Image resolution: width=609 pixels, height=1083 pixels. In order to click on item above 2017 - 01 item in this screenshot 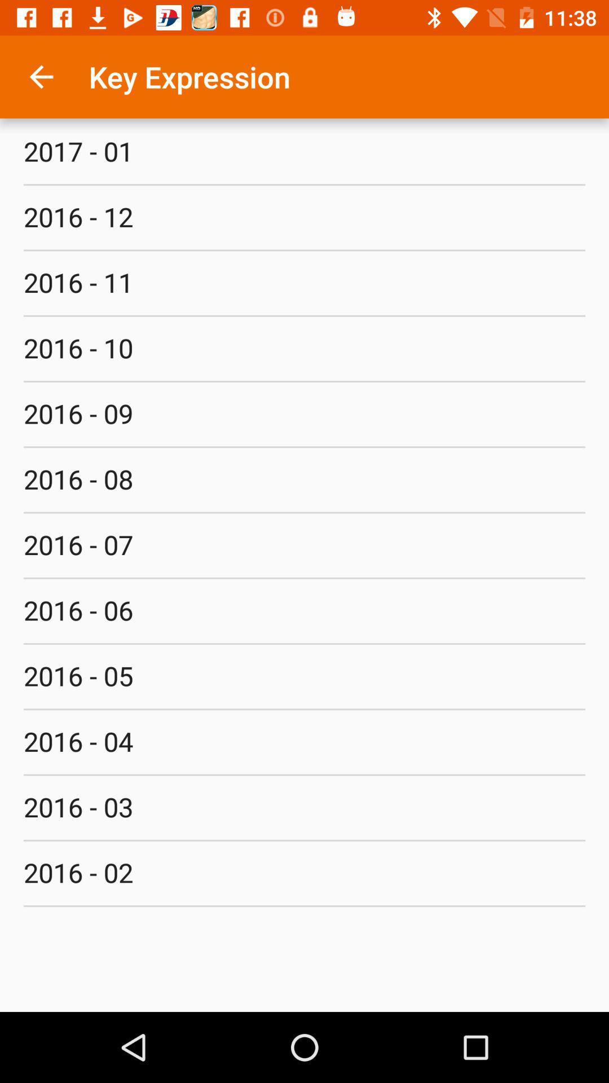, I will do `click(41, 76)`.